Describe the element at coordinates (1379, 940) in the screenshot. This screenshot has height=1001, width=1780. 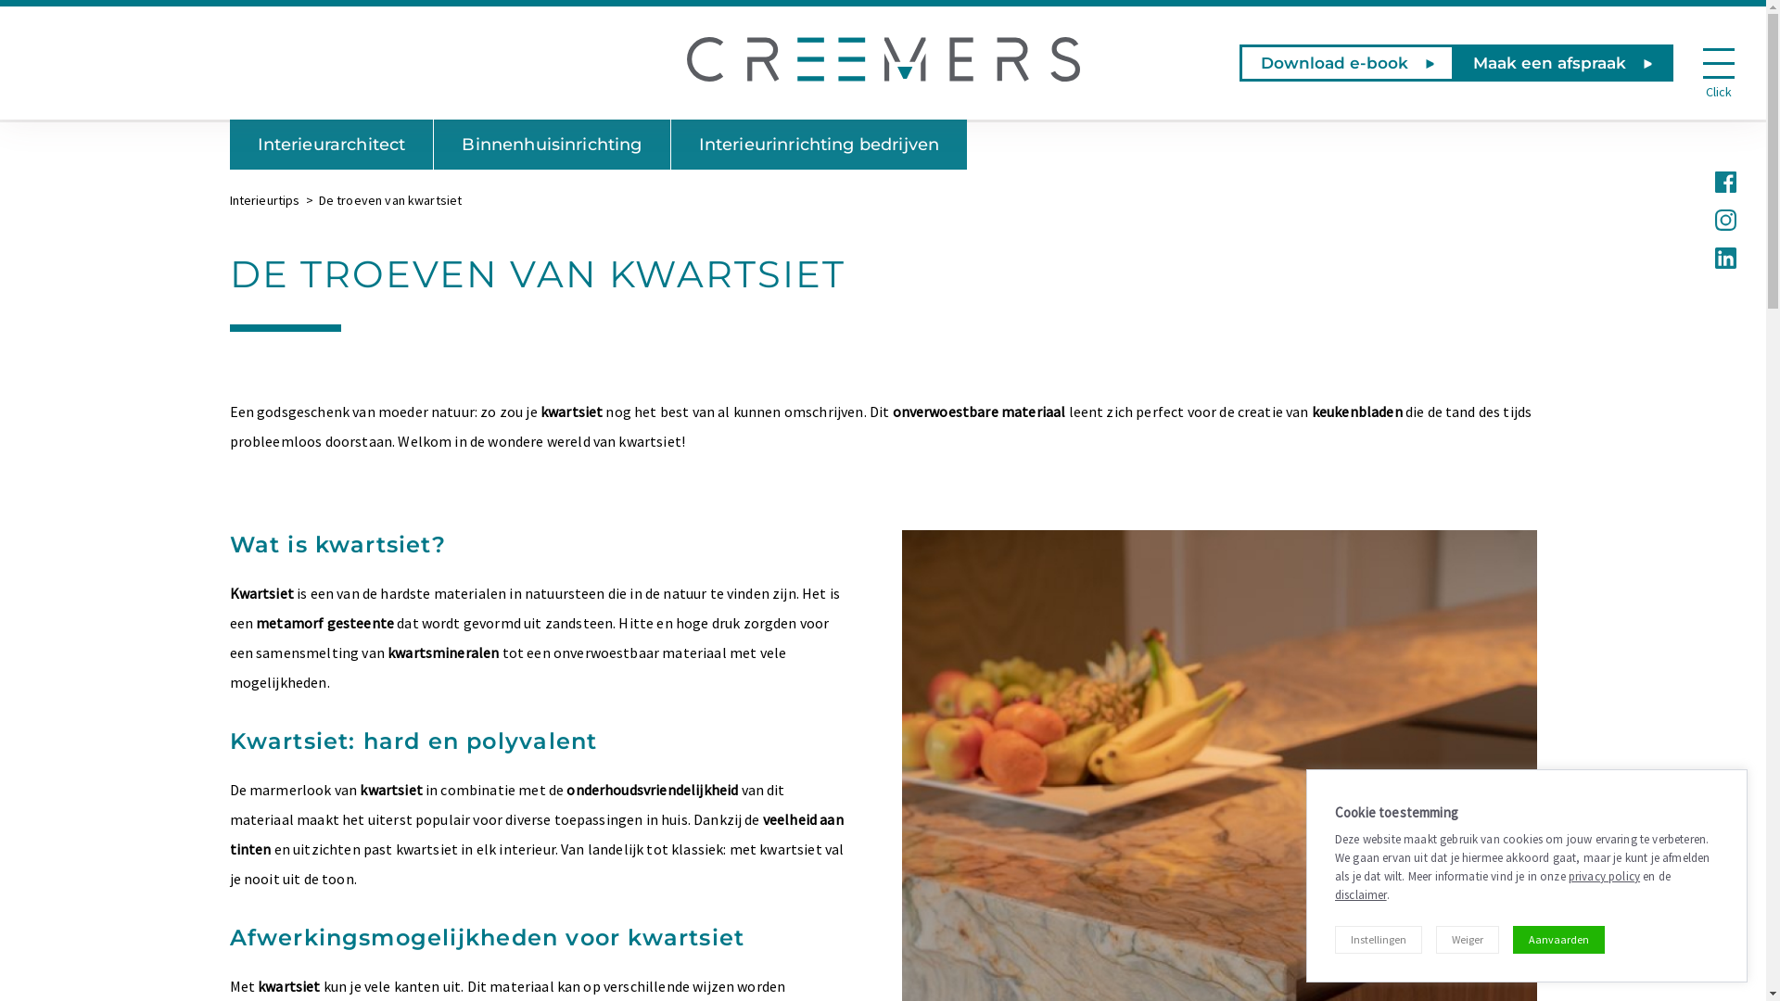
I see `'Instellingen'` at that location.